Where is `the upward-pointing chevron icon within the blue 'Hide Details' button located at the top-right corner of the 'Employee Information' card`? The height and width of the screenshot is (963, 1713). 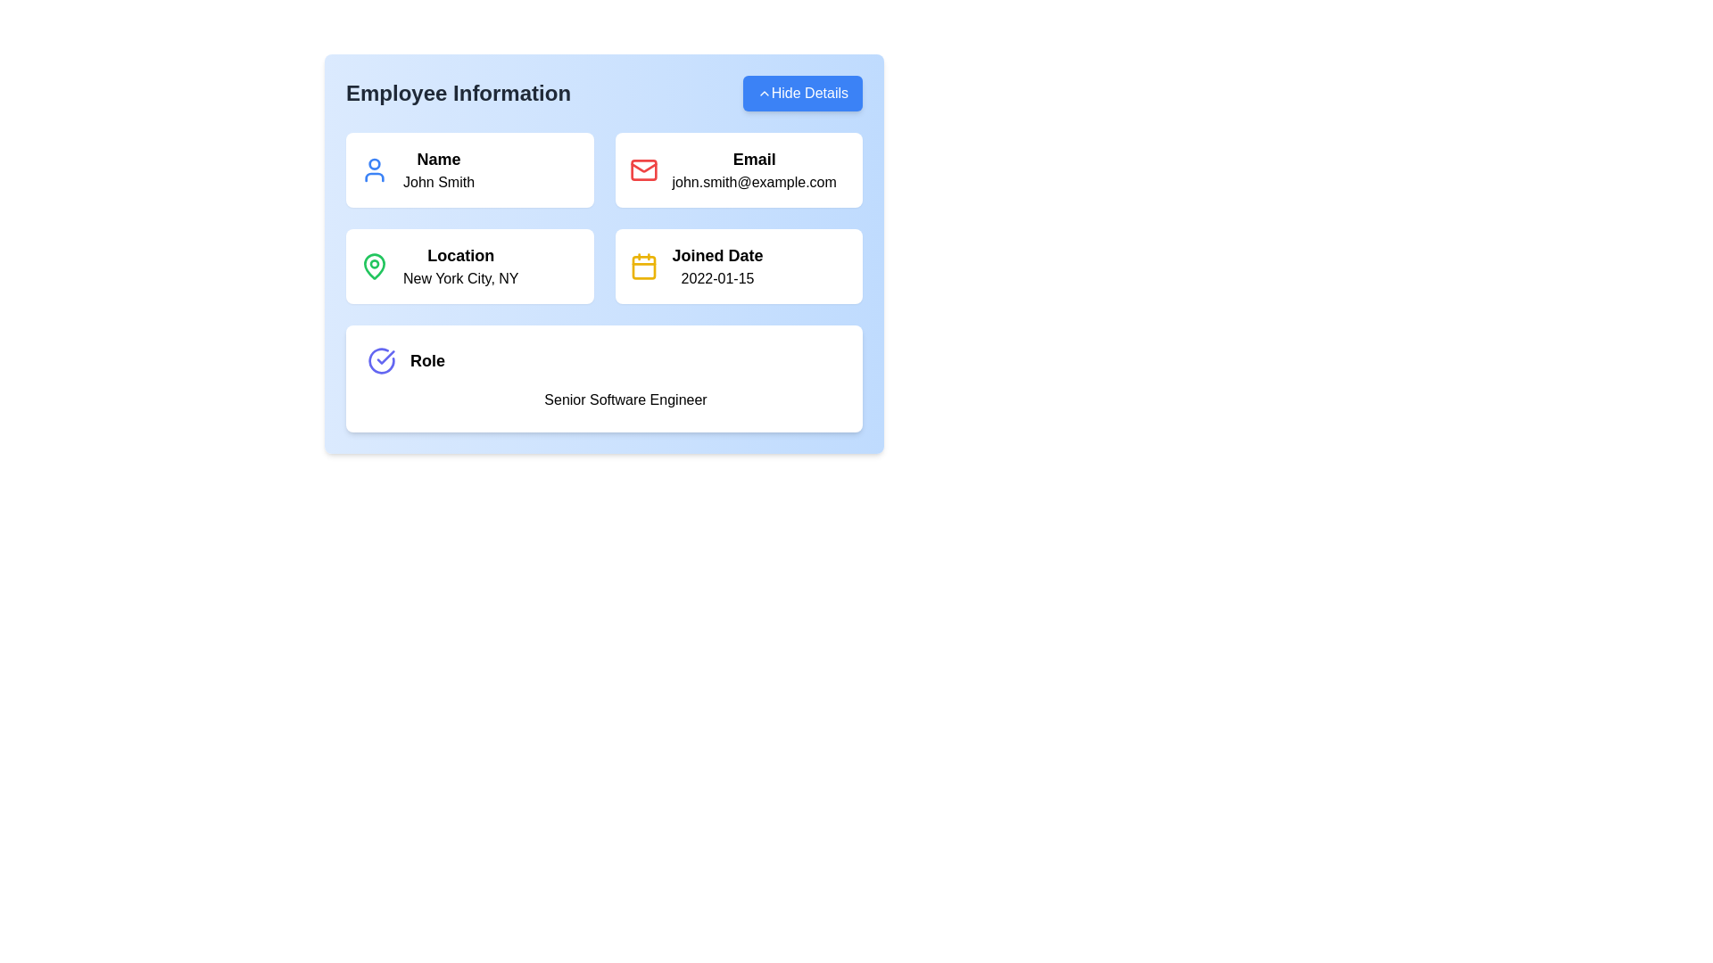
the upward-pointing chevron icon within the blue 'Hide Details' button located at the top-right corner of the 'Employee Information' card is located at coordinates (764, 93).